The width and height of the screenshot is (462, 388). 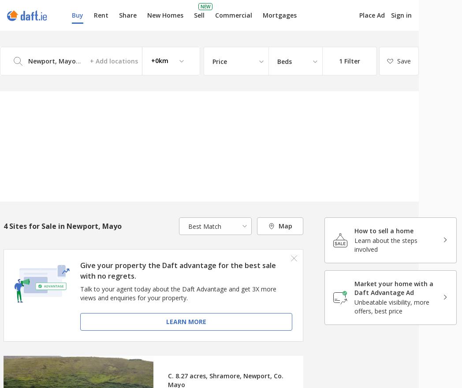 What do you see at coordinates (391, 15) in the screenshot?
I see `'Sign in'` at bounding box center [391, 15].